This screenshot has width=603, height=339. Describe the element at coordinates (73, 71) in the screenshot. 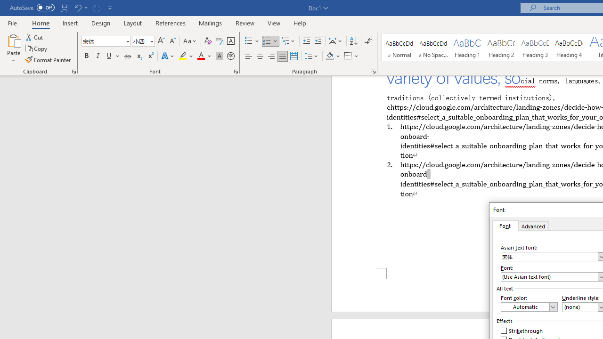

I see `'Office Clipboard...'` at that location.